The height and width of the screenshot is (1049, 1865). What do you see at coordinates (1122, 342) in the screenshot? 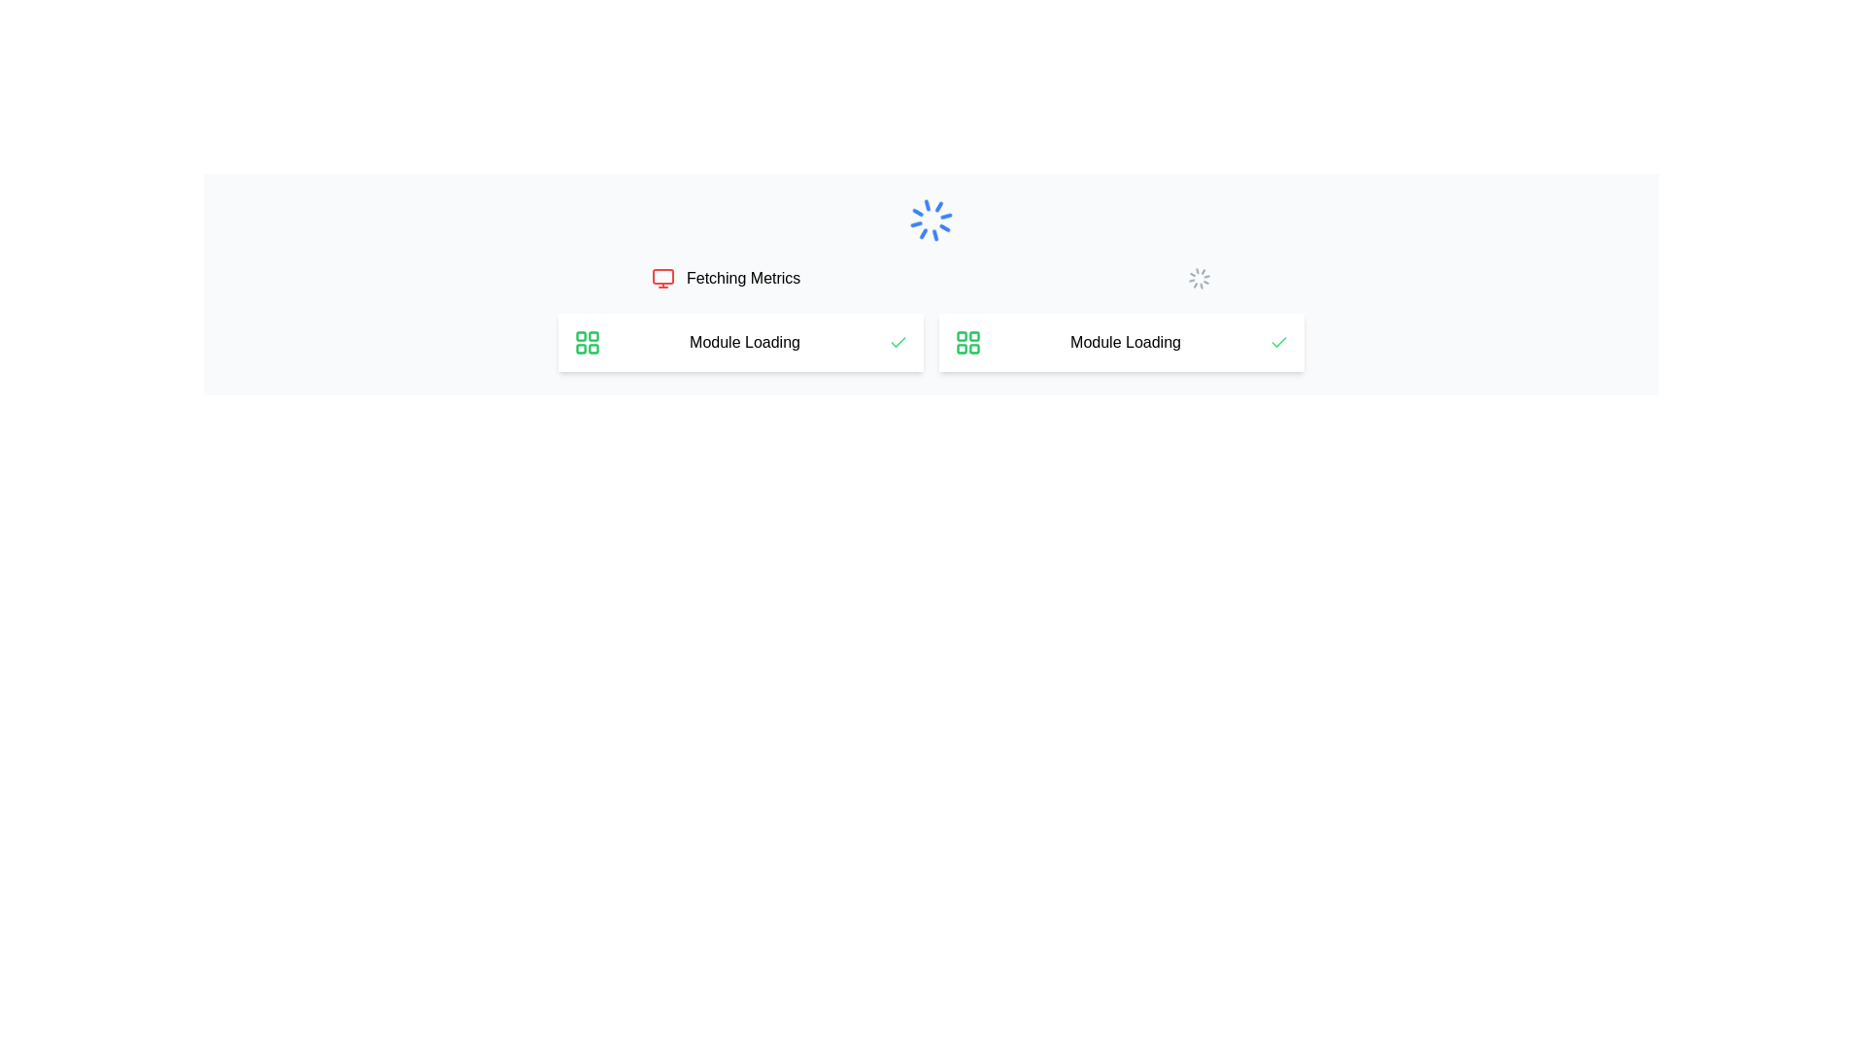
I see `the Informational panel displaying 'Module Loading' with a green grid pattern icon and a green checkmark icon` at bounding box center [1122, 342].